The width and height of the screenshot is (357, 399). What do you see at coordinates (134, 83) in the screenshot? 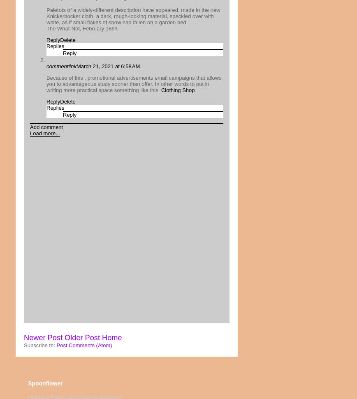
I see `'Because of this , promotional advertisements email campaigns that allows you to advantageous study sooner than offer. In other words to put in writing more practical space something like this.'` at bounding box center [134, 83].